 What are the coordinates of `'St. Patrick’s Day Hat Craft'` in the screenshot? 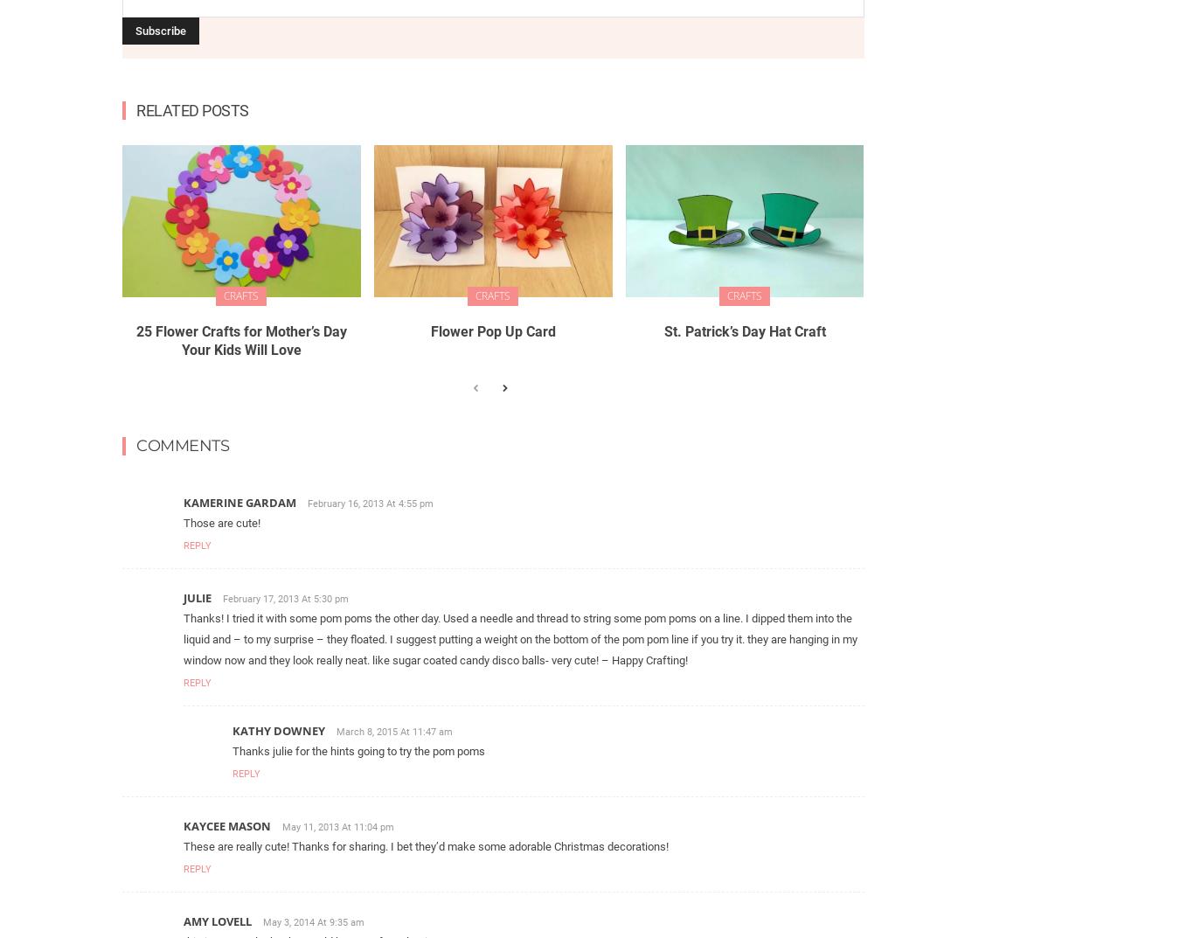 It's located at (744, 330).